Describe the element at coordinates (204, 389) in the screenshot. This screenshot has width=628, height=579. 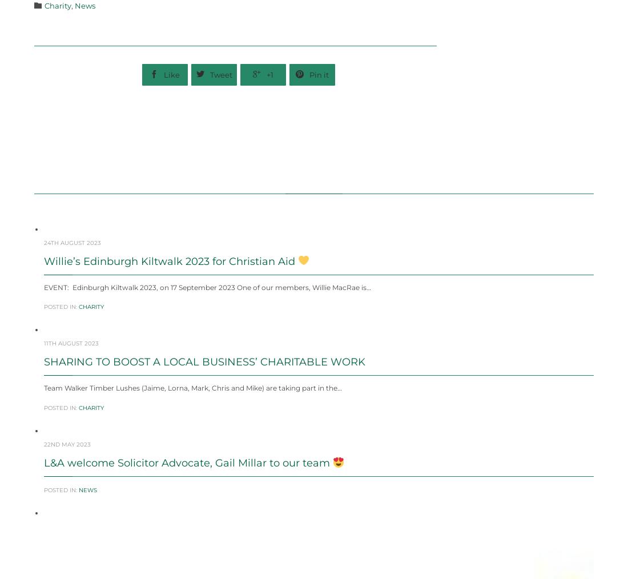
I see `'SHARING TO BOOST A LOCAL BUSINESS’ CHARITABLE WORK'` at that location.